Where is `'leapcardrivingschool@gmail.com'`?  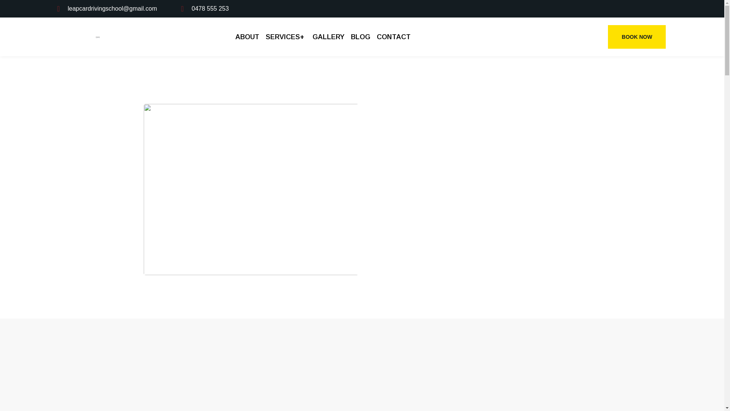 'leapcardrivingschool@gmail.com' is located at coordinates (56, 9).